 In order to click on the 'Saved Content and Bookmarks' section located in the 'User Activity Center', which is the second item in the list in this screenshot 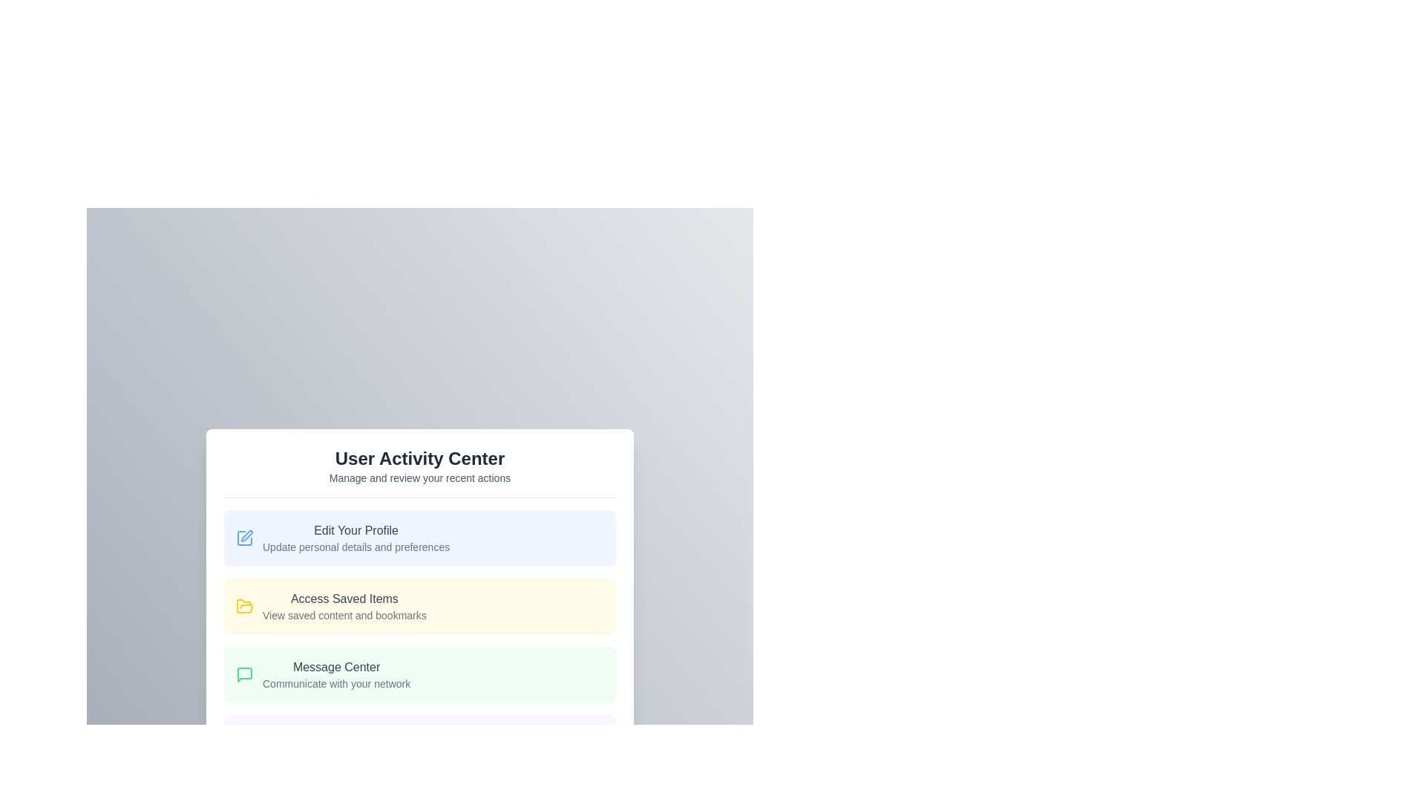, I will do `click(419, 609)`.